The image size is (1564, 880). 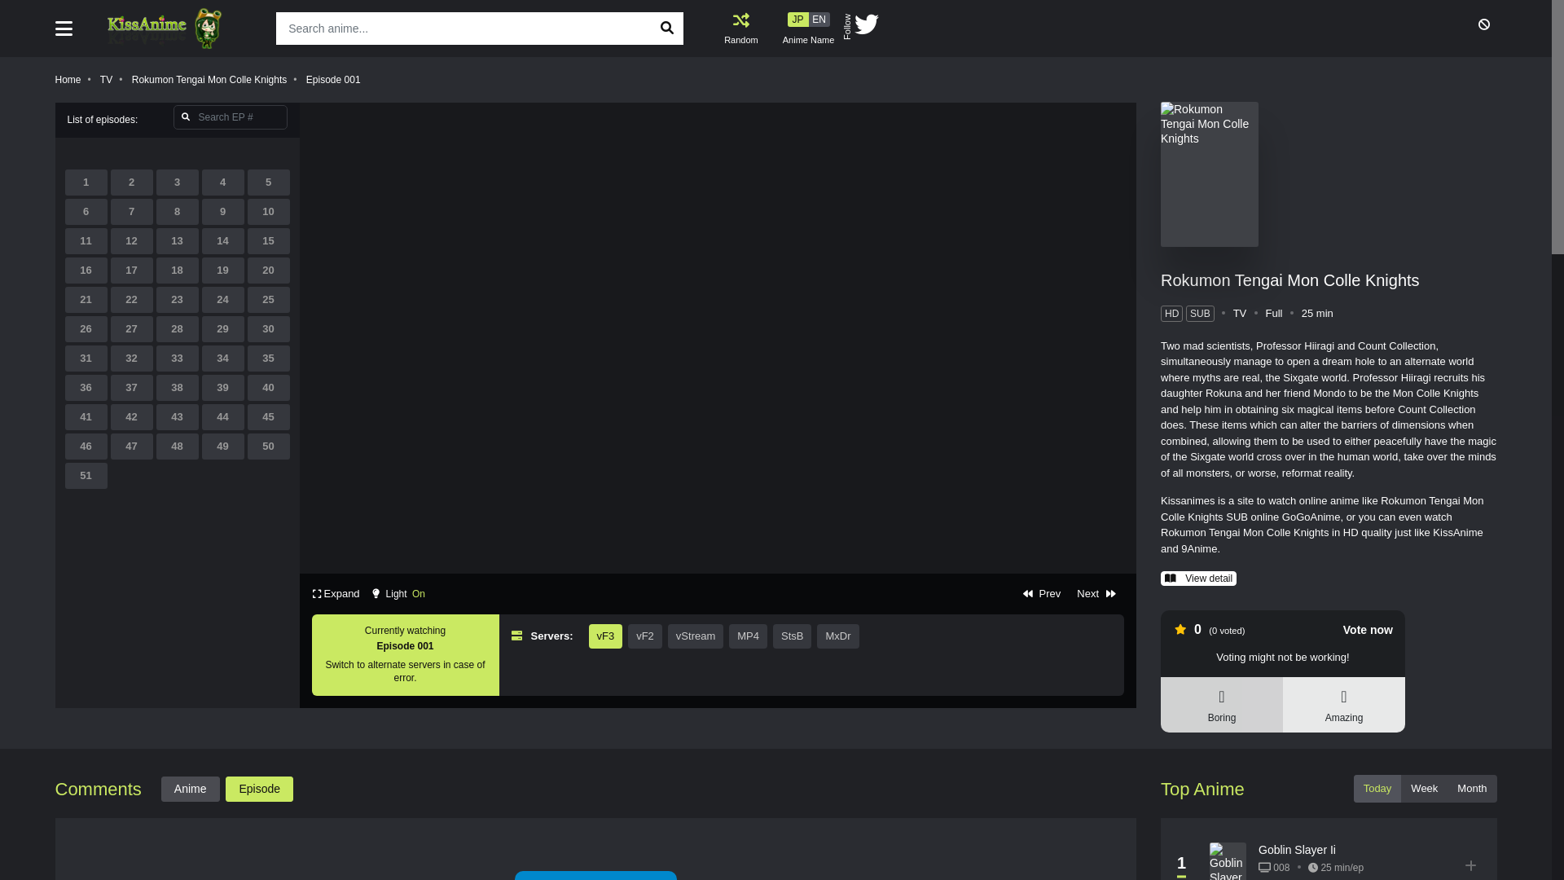 I want to click on '5', so click(x=269, y=182).